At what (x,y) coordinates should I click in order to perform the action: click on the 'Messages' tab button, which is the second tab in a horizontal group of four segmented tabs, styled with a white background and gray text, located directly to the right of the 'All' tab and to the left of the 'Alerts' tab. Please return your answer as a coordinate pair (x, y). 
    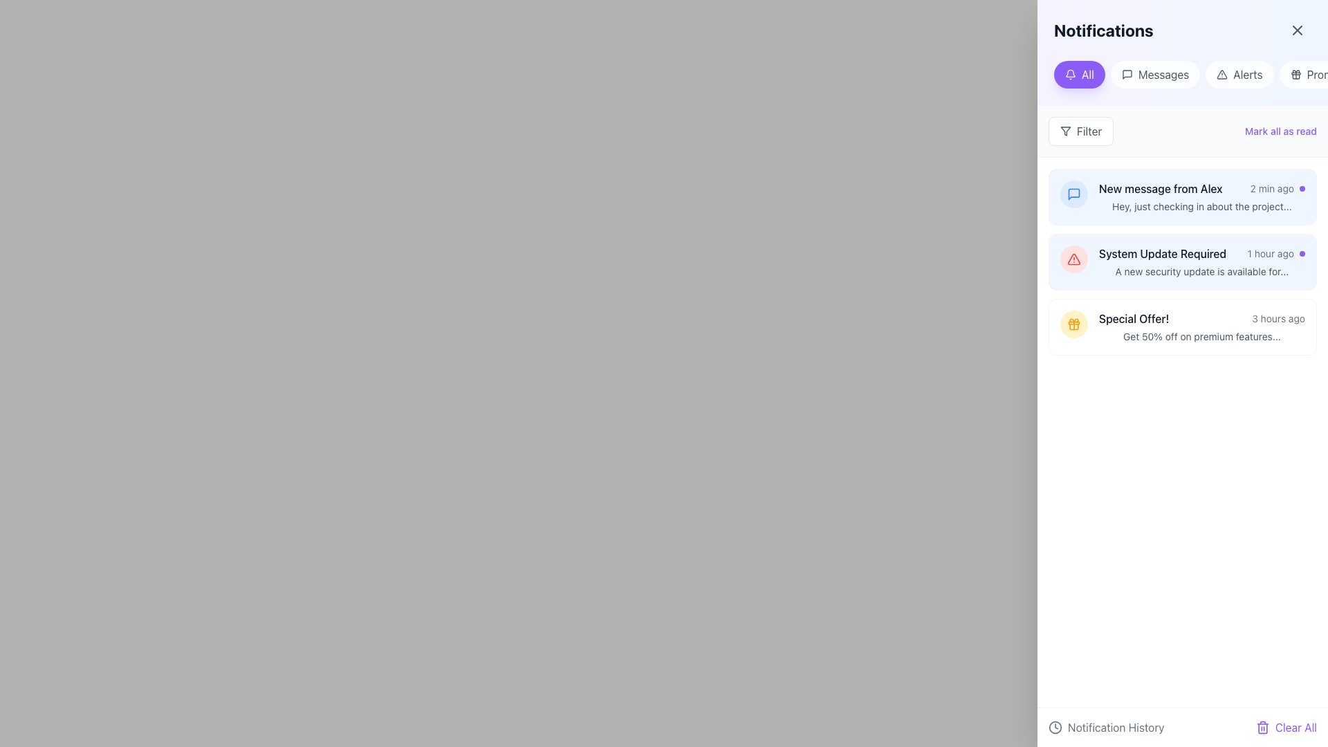
    Looking at the image, I should click on (1181, 75).